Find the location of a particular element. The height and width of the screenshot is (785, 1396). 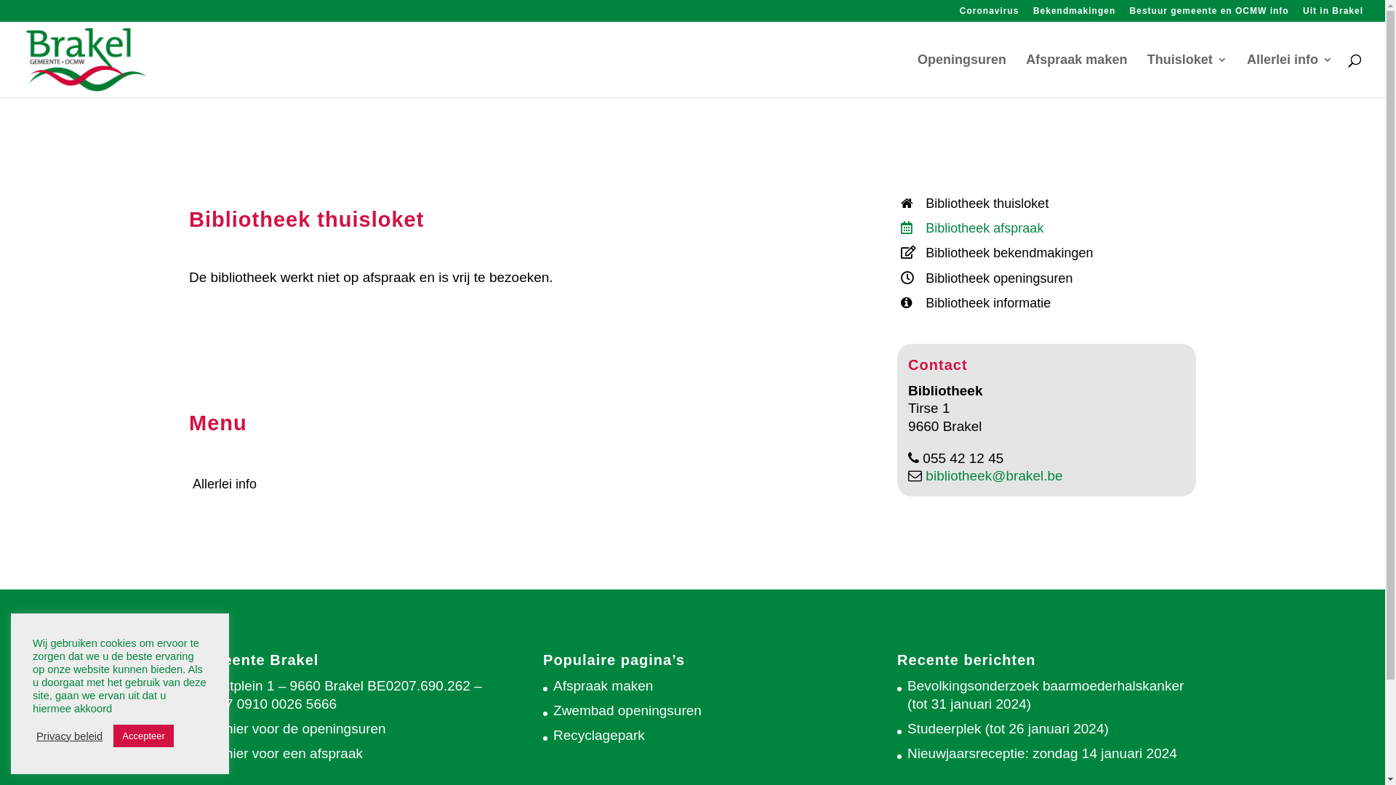

'Privacy beleid' is located at coordinates (68, 736).